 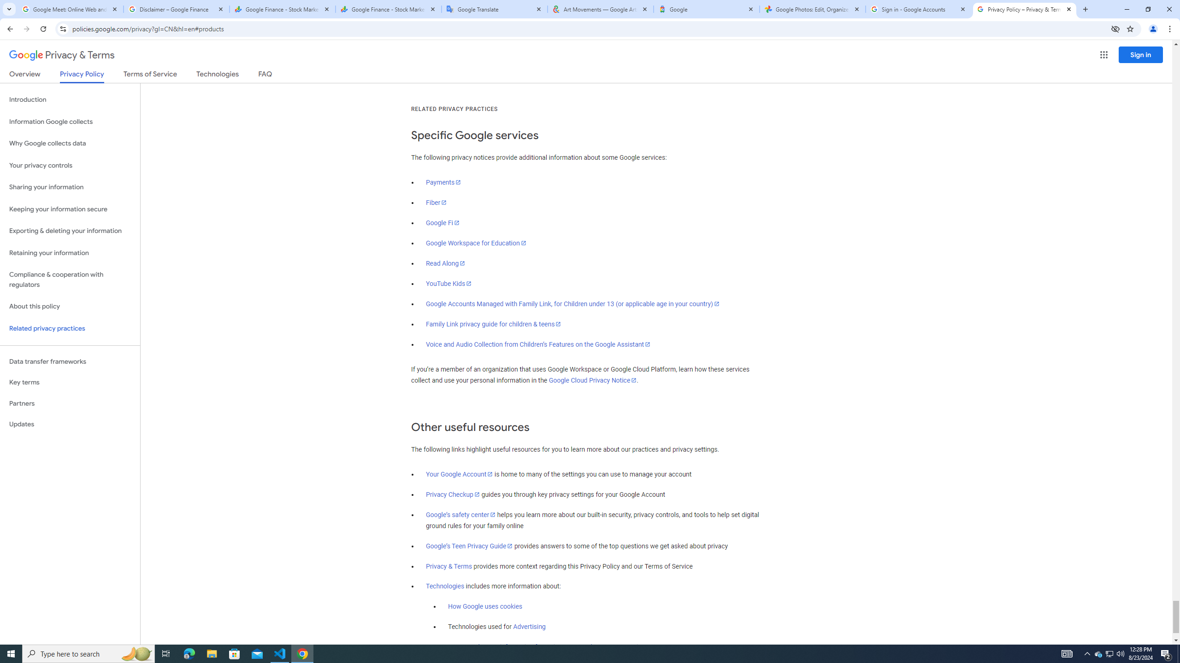 What do you see at coordinates (475, 242) in the screenshot?
I see `'Google Workspace for Education'` at bounding box center [475, 242].